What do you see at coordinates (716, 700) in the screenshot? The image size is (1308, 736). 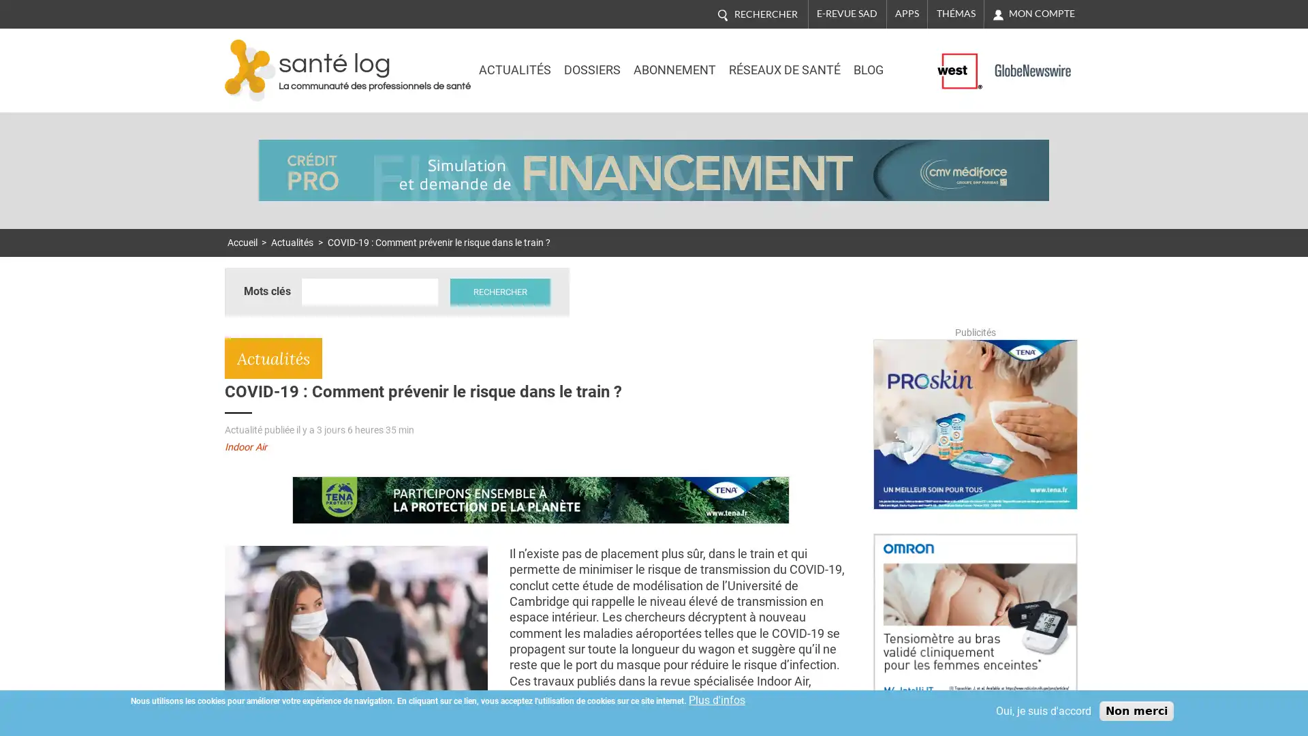 I see `Plus d'infos` at bounding box center [716, 700].